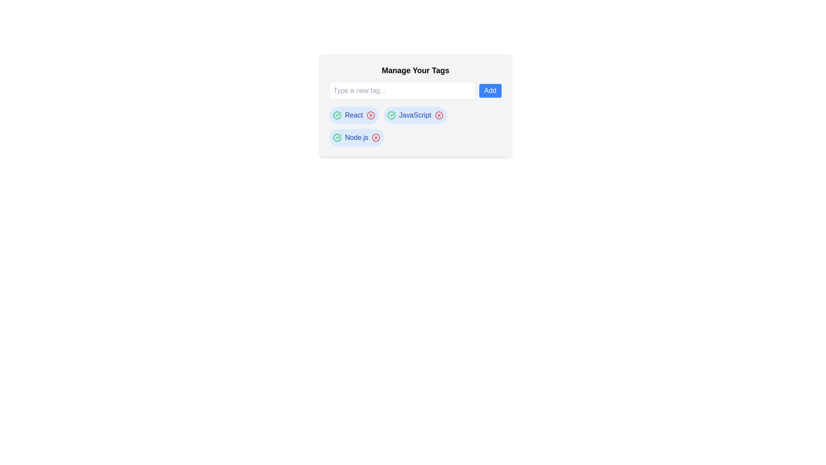  I want to click on red 'X' icon next to the tag labeled JavaScript to remove it, so click(439, 115).